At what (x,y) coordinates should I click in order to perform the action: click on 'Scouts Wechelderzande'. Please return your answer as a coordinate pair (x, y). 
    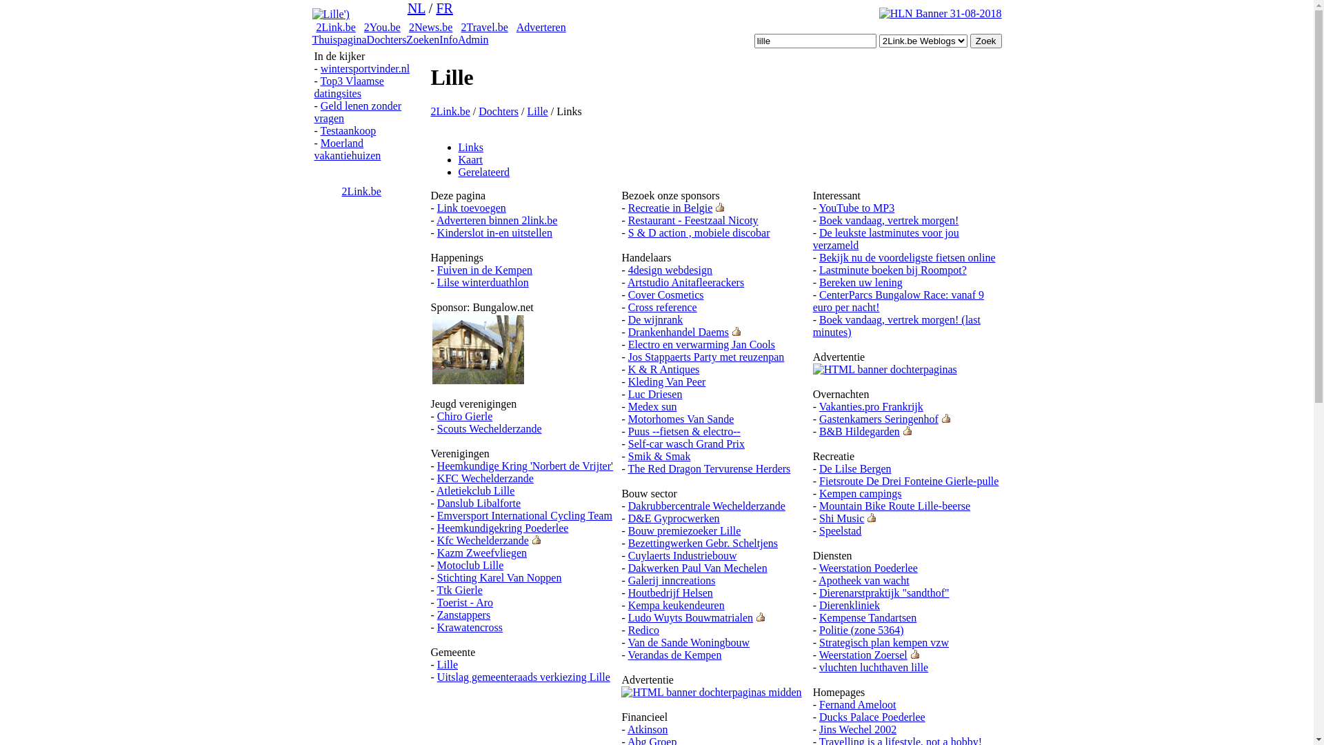
    Looking at the image, I should click on (490, 428).